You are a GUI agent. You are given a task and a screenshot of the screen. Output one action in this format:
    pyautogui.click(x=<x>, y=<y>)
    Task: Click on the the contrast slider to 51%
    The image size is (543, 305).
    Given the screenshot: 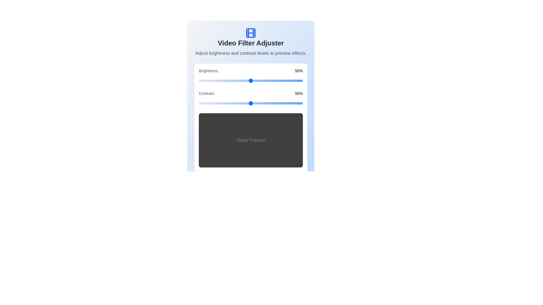 What is the action you would take?
    pyautogui.click(x=251, y=103)
    